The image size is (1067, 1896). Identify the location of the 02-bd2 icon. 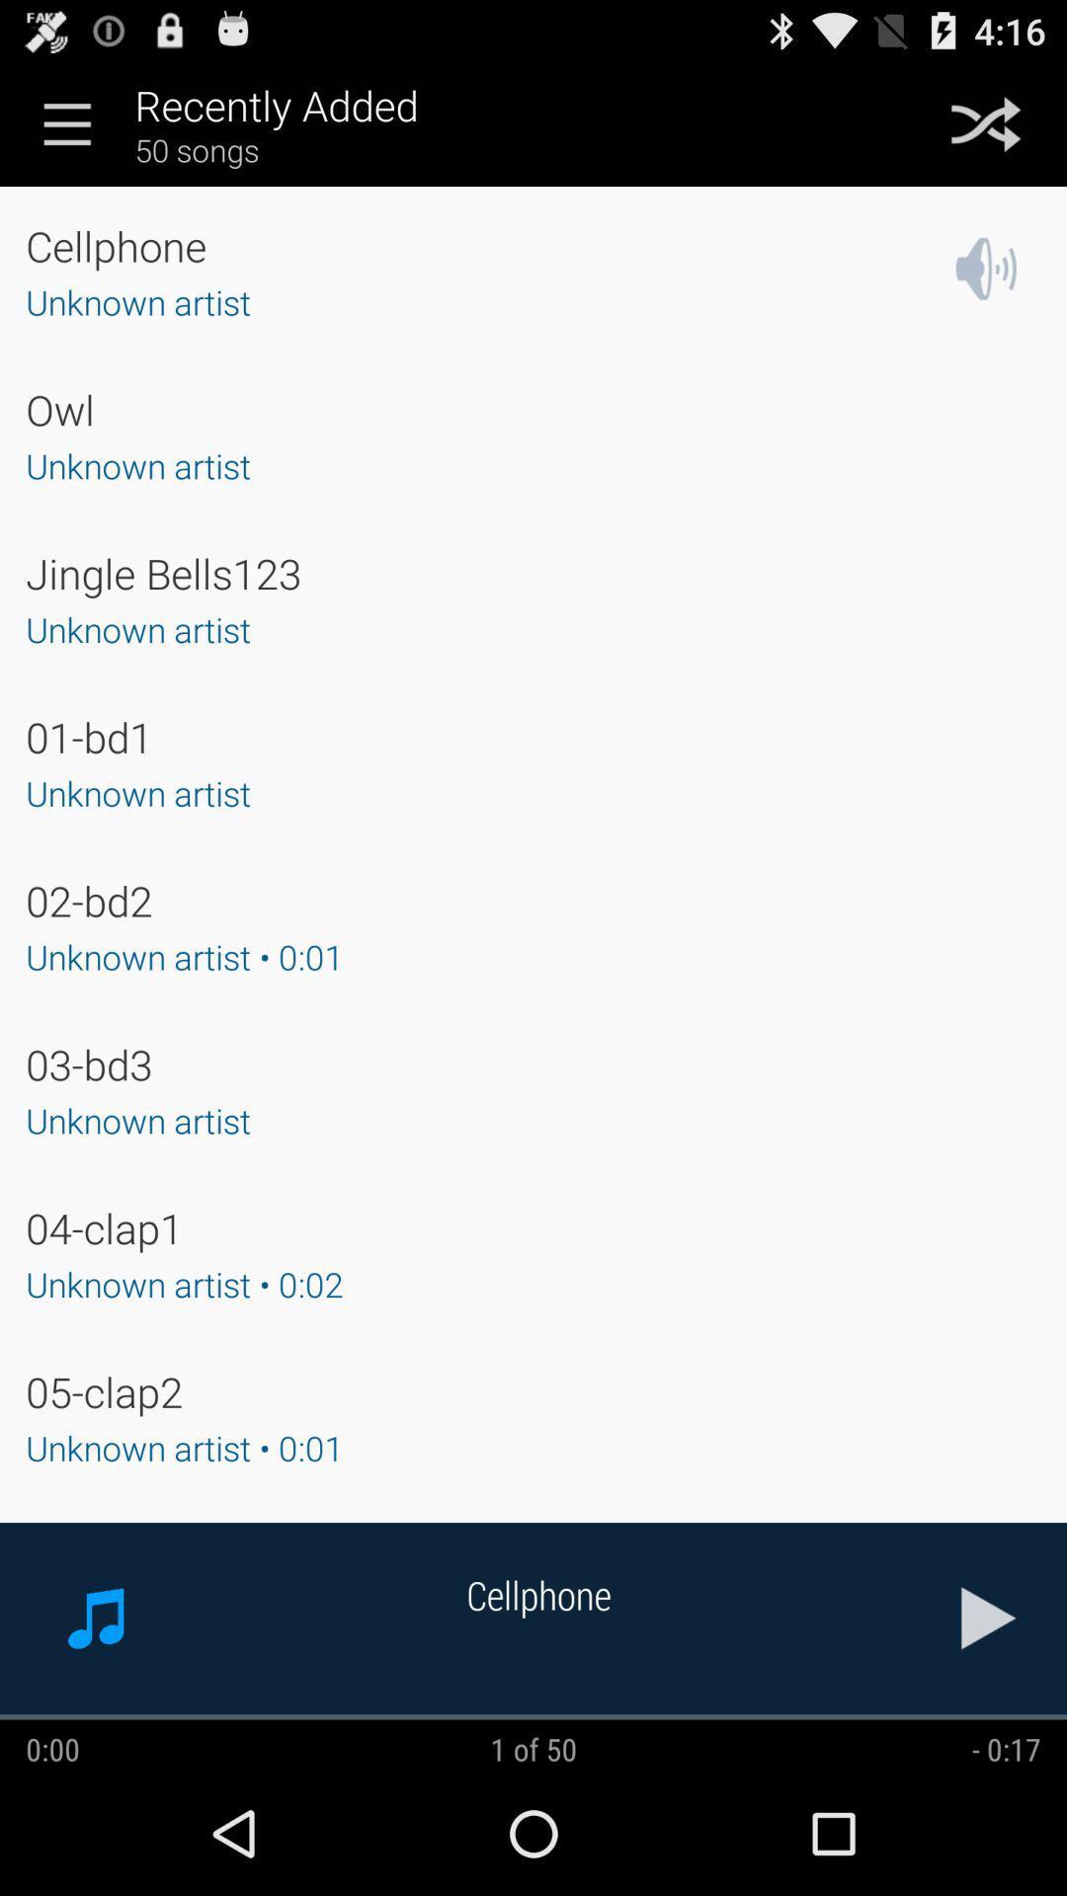
(89, 900).